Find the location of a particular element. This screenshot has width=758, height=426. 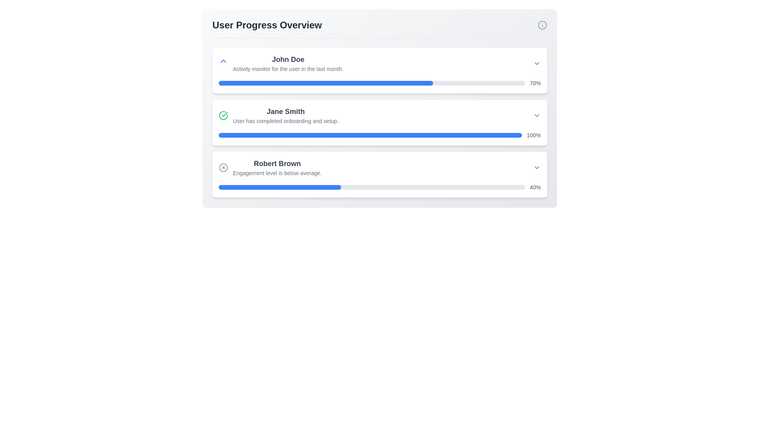

the text label reading 'Engagement level is below average.' which is located below the name 'Robert Brown' in the third user progress card is located at coordinates (277, 173).